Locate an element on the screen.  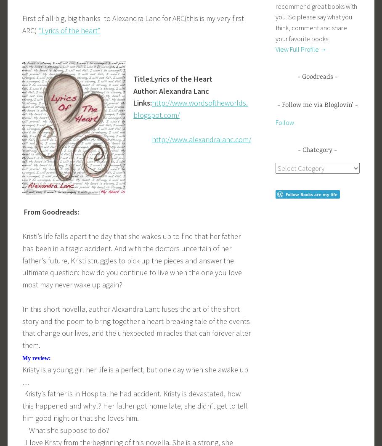
'“Lyrics of the heart”' is located at coordinates (69, 30).